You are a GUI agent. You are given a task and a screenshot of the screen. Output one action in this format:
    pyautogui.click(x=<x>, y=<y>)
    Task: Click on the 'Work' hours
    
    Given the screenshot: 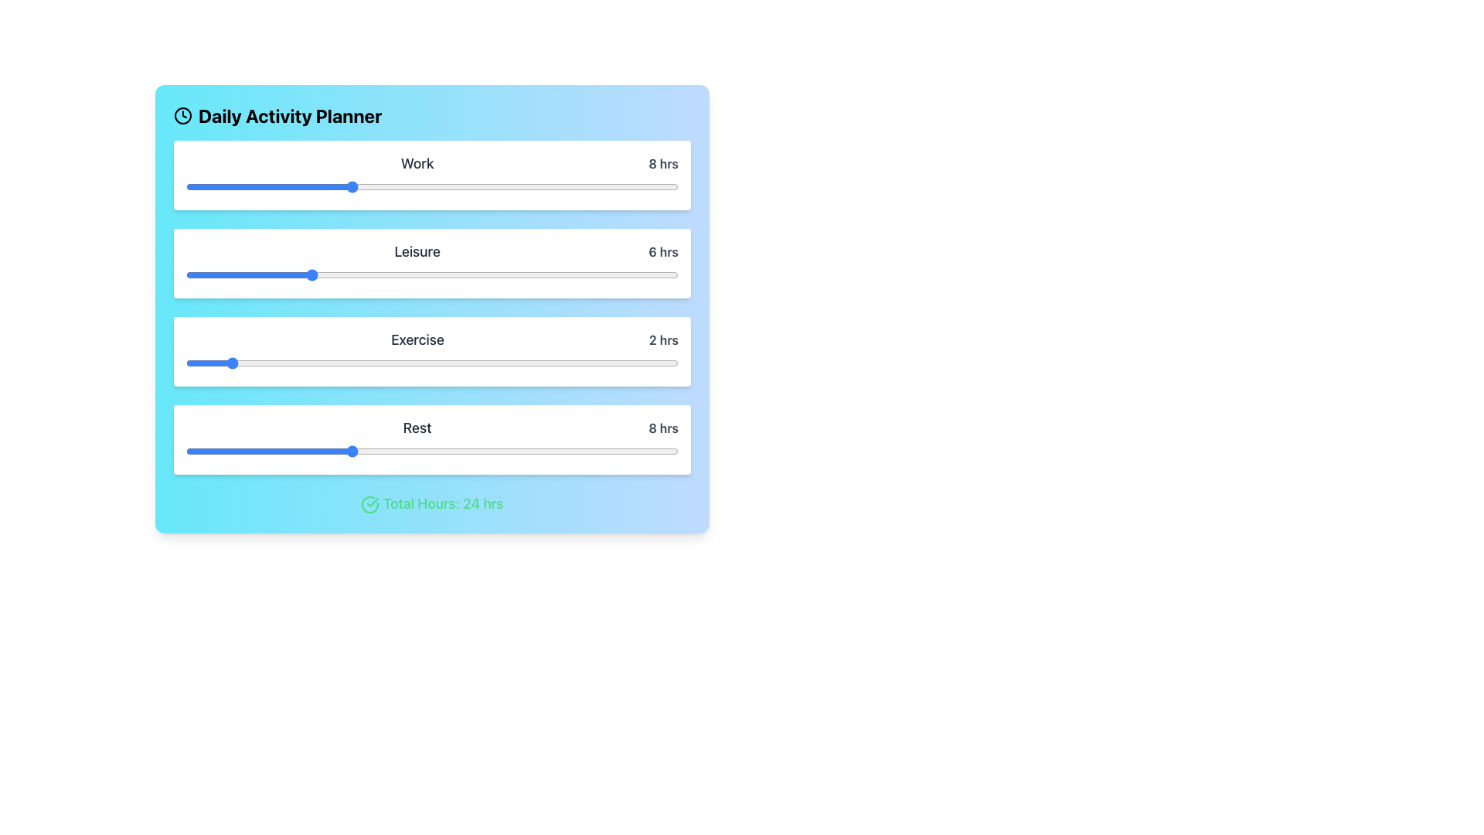 What is the action you would take?
    pyautogui.click(x=411, y=186)
    